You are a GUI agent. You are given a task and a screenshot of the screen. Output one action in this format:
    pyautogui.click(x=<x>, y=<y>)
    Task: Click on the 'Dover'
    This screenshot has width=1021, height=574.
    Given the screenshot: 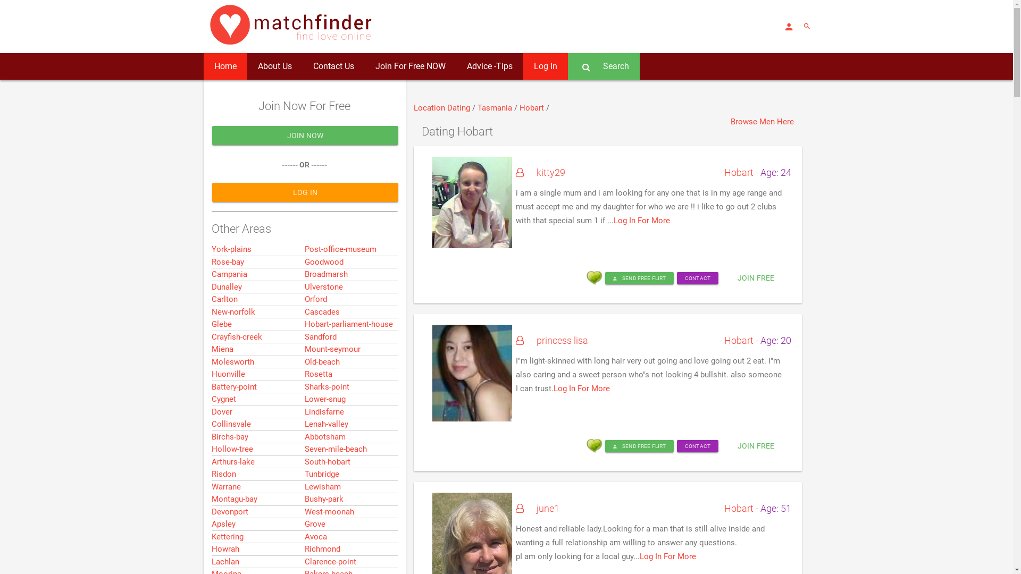 What is the action you would take?
    pyautogui.click(x=221, y=411)
    